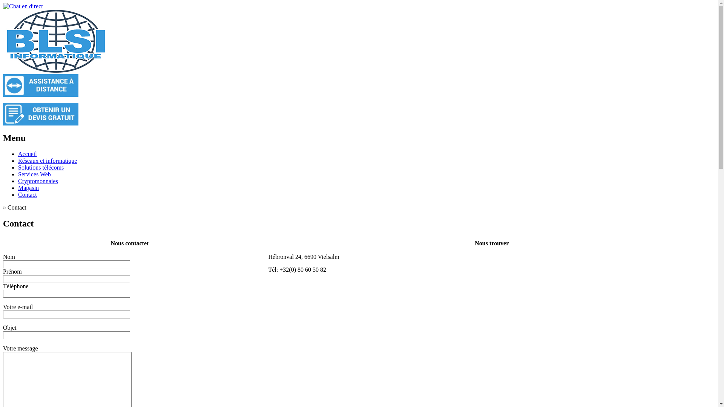 The height and width of the screenshot is (407, 724). I want to click on 'Skip to content', so click(3, 150).